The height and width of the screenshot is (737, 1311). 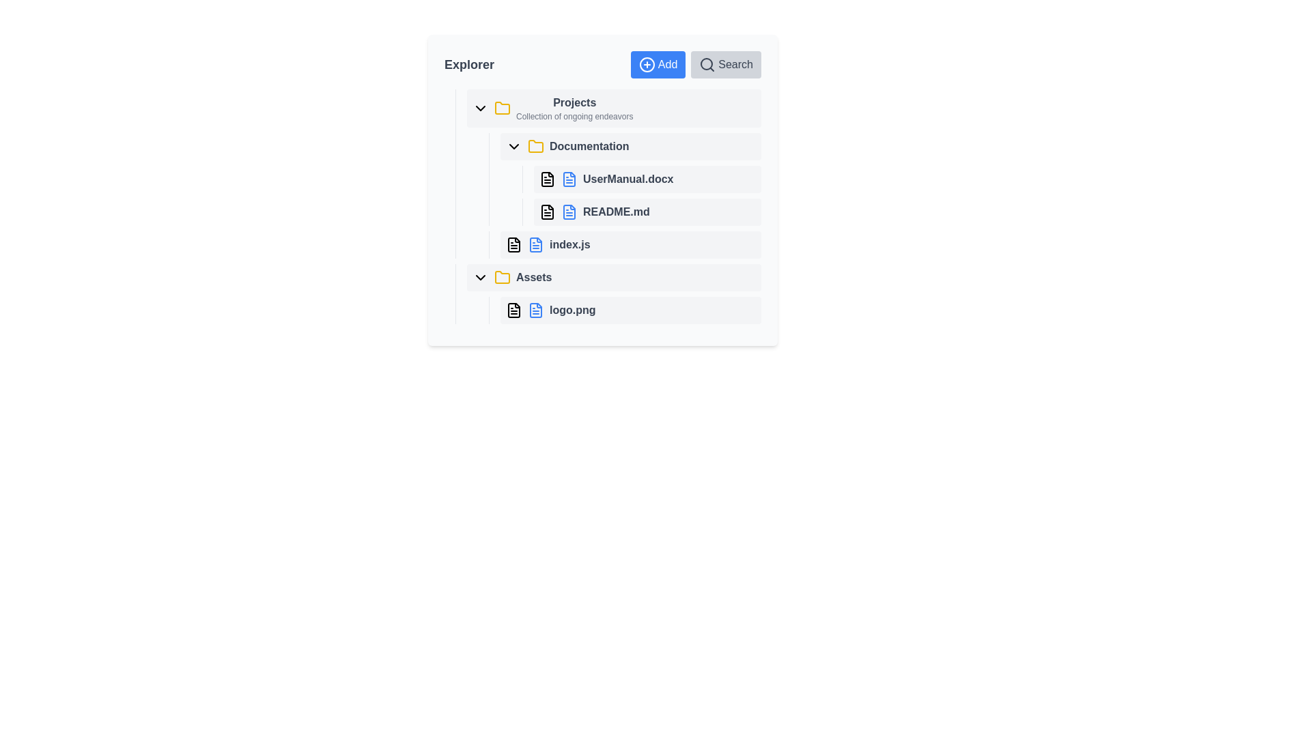 I want to click on the first folder item in the 'Projects' list under the 'Explorer' section, so click(x=630, y=147).